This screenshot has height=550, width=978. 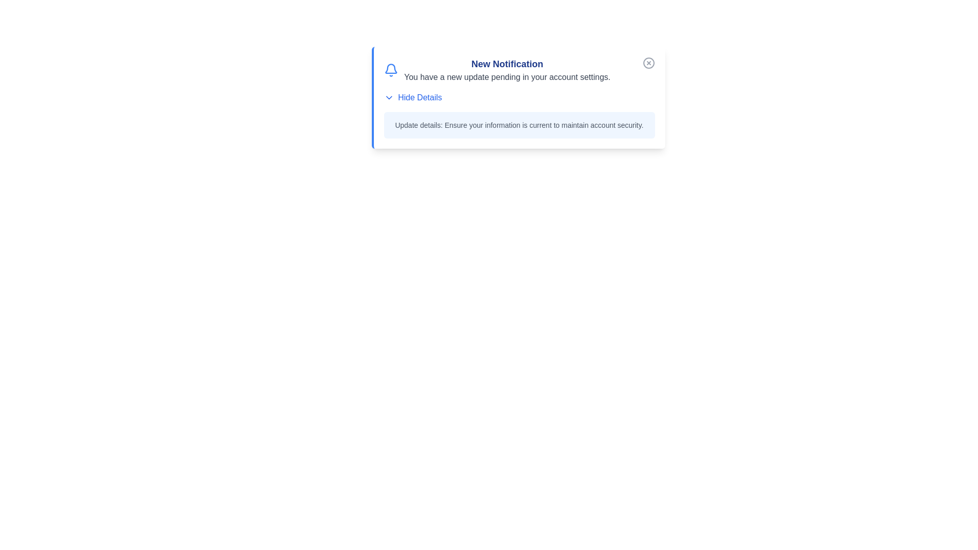 I want to click on the informational text label that is centrally positioned within a rounded, light-blue background section, located just below the 'Hide Details' link, so click(x=519, y=125).